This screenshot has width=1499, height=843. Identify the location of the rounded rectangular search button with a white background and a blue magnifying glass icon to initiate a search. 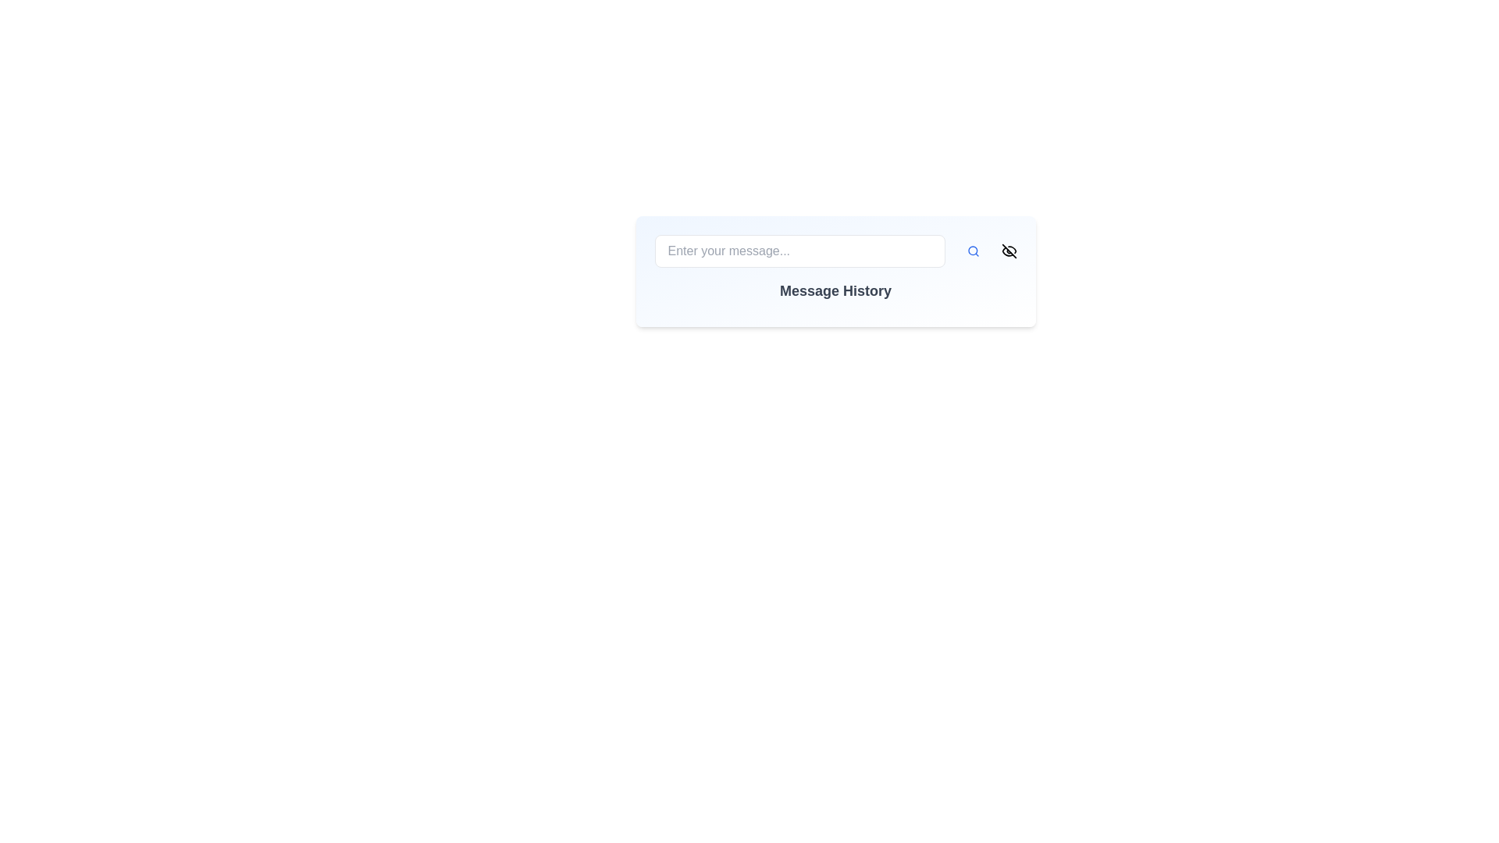
(972, 250).